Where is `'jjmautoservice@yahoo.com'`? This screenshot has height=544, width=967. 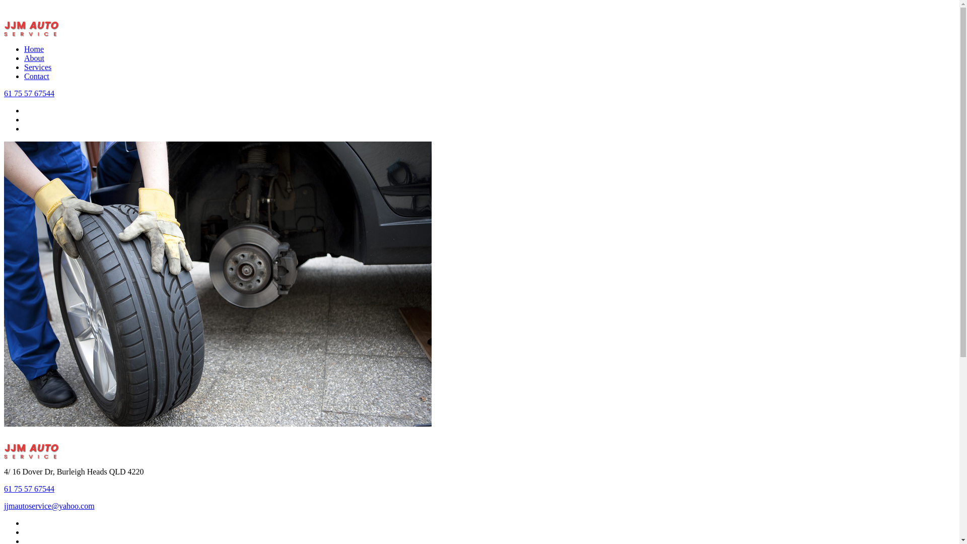 'jjmautoservice@yahoo.com' is located at coordinates (48, 506).